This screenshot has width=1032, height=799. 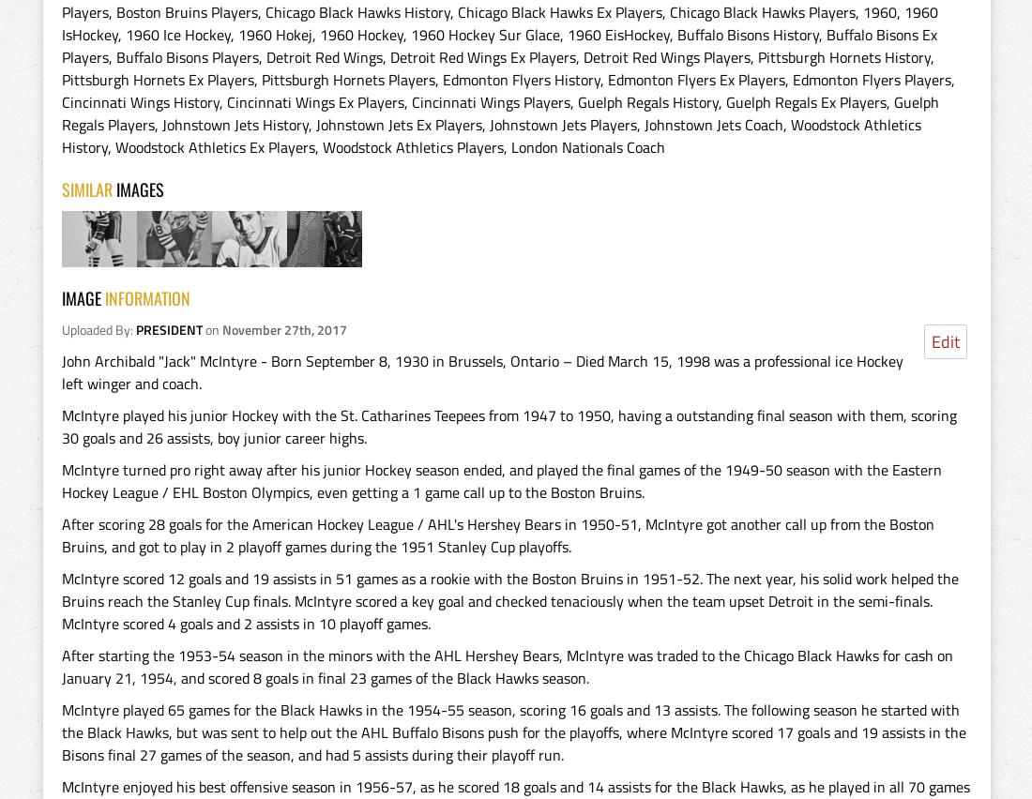 I want to click on 'PRESIDENT', so click(x=168, y=329).